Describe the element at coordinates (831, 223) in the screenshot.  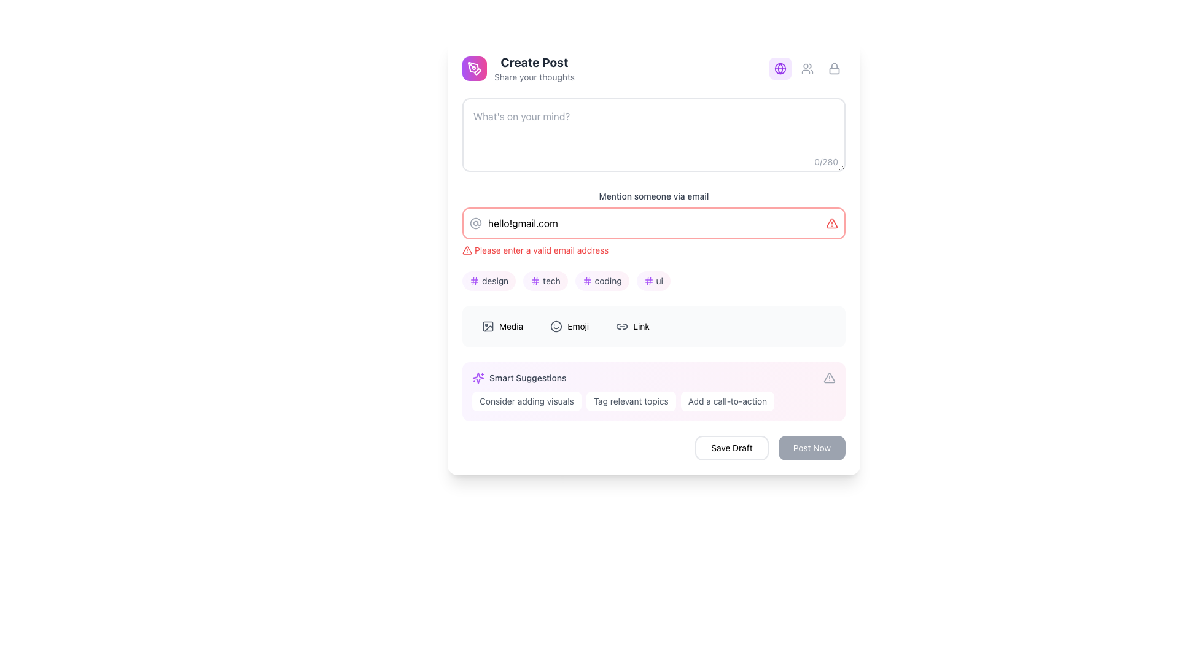
I see `the error/warning icon located on the right edge of the email input field` at that location.